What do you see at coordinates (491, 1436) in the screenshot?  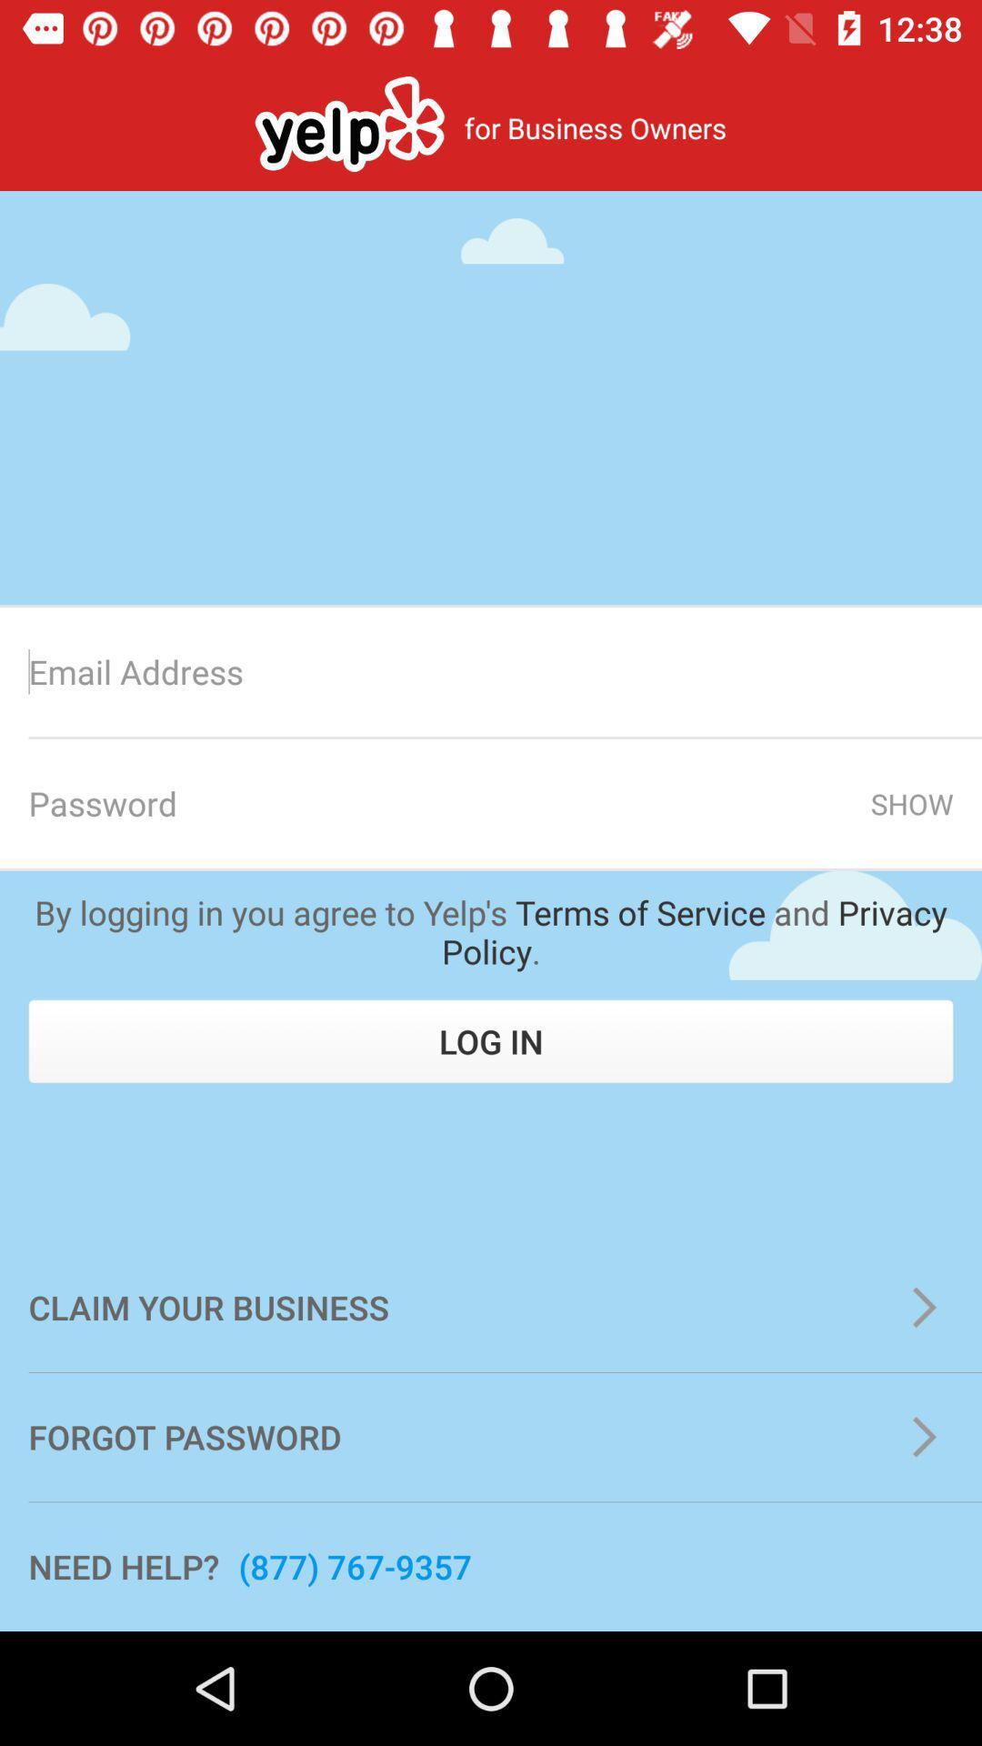 I see `the icon below the claim your business item` at bounding box center [491, 1436].